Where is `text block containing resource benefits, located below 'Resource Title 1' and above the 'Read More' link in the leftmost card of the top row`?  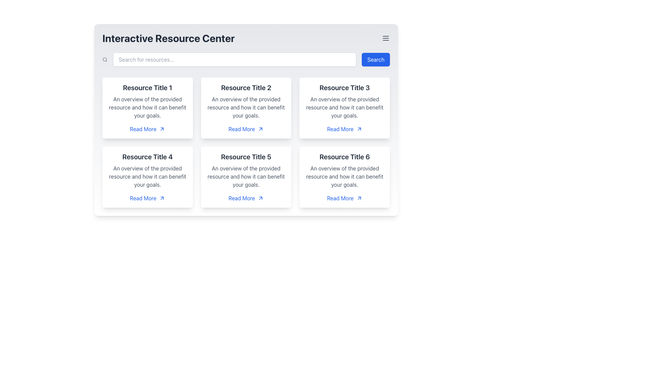 text block containing resource benefits, located below 'Resource Title 1' and above the 'Read More' link in the leftmost card of the top row is located at coordinates (147, 107).